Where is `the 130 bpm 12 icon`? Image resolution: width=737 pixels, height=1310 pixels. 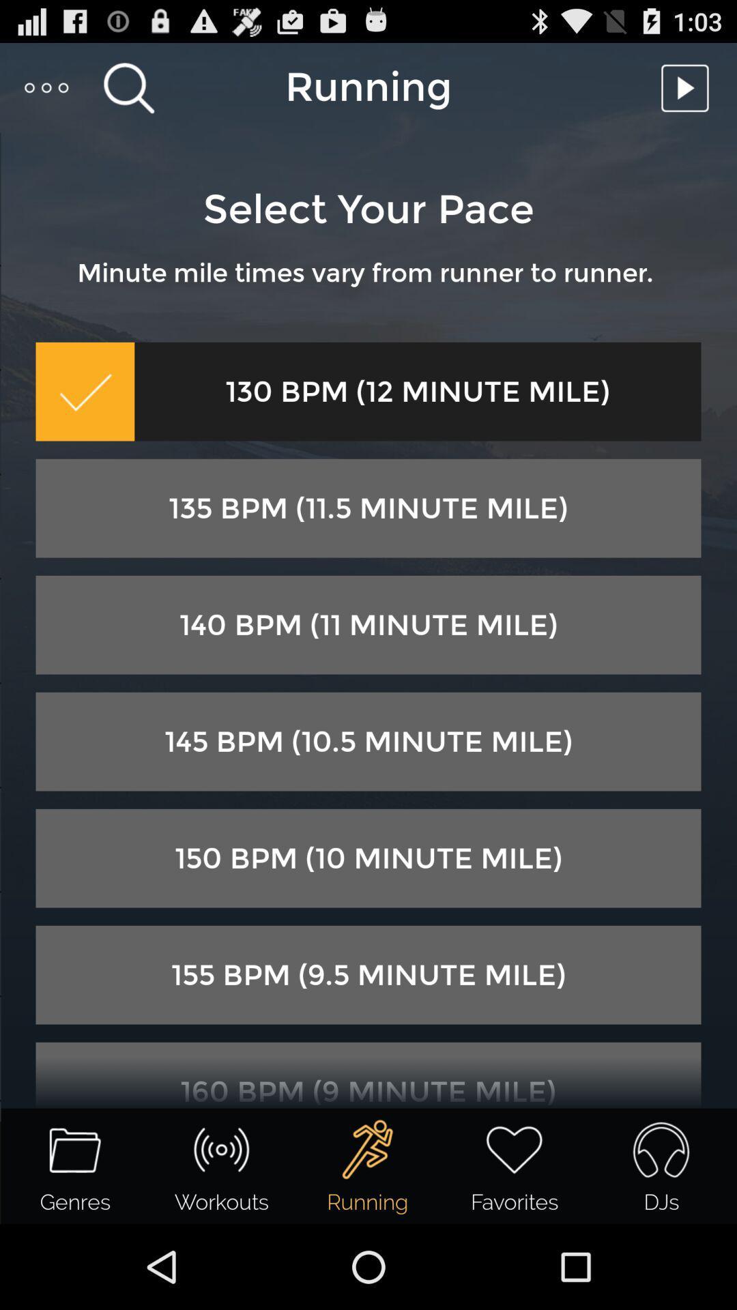
the 130 bpm 12 icon is located at coordinates (417, 391).